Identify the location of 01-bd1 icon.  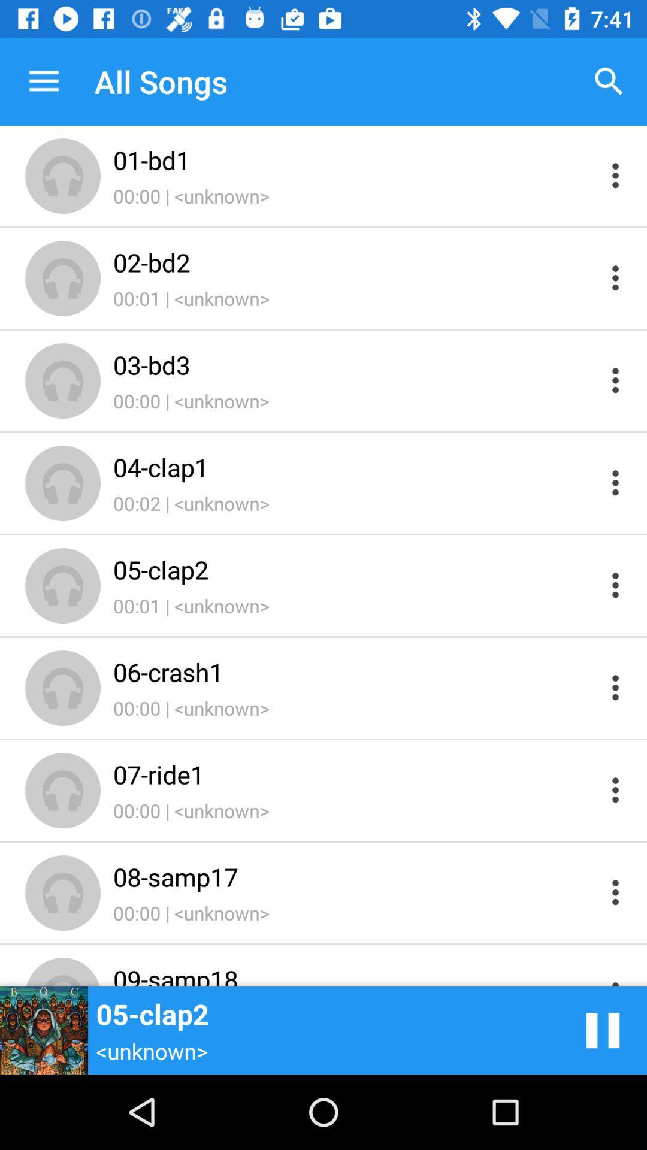
(354, 159).